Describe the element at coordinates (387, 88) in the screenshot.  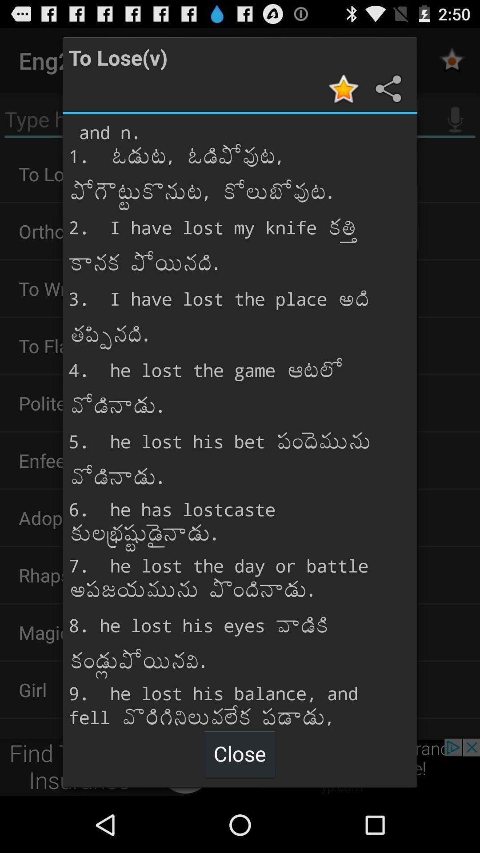
I see `share information` at that location.